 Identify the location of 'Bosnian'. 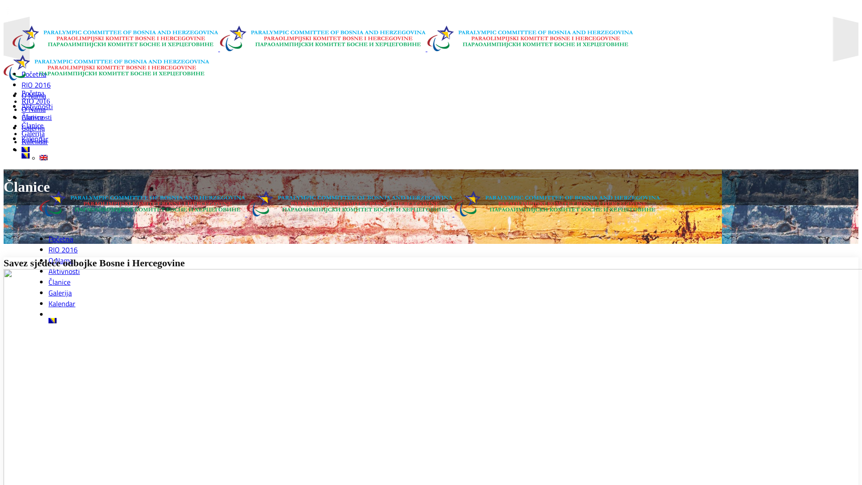
(52, 320).